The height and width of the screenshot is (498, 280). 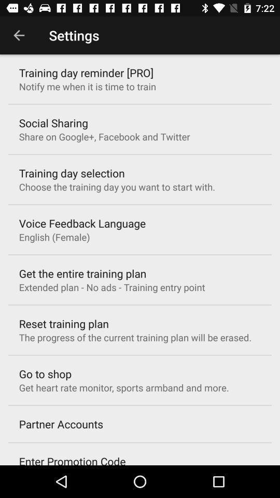 I want to click on item below the progress of item, so click(x=45, y=374).